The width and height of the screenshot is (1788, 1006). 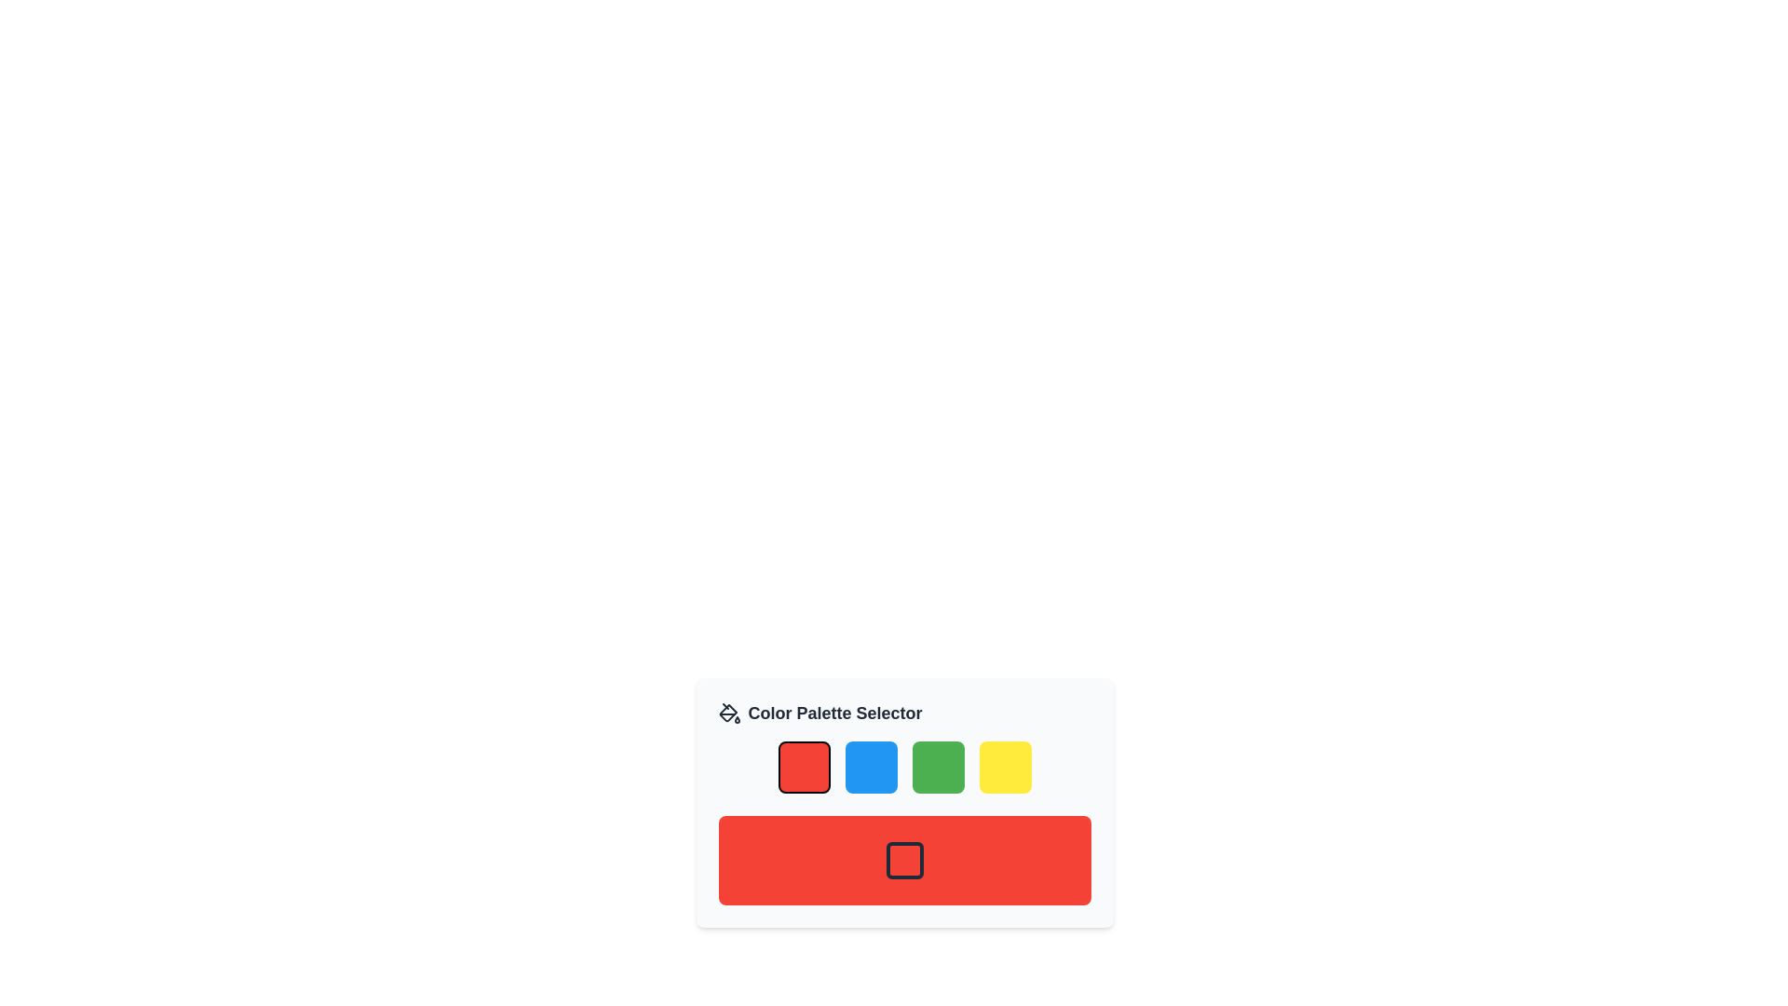 I want to click on the interactive button, which is a square box with rounded corners and a solid yellow background, located at the bottom center of the interface as the fourth button in a row of four, so click(x=1004, y=768).